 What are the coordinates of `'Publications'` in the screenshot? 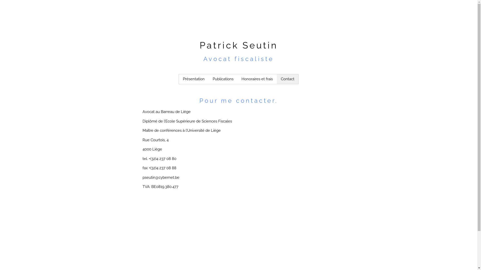 It's located at (209, 79).